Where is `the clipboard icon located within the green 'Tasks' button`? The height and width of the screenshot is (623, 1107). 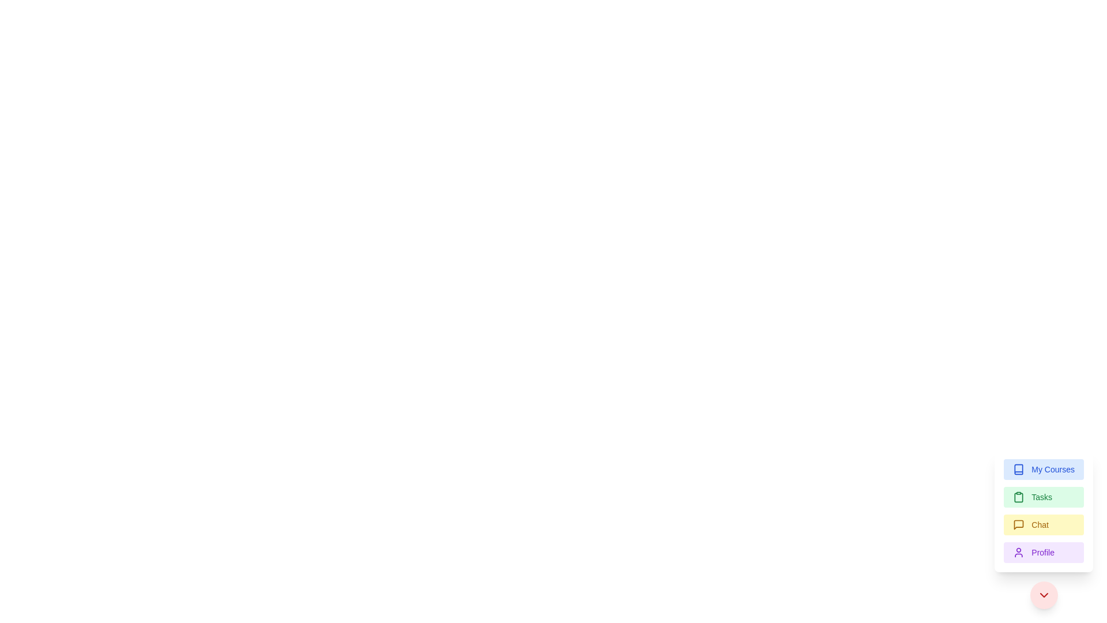
the clipboard icon located within the green 'Tasks' button is located at coordinates (1019, 496).